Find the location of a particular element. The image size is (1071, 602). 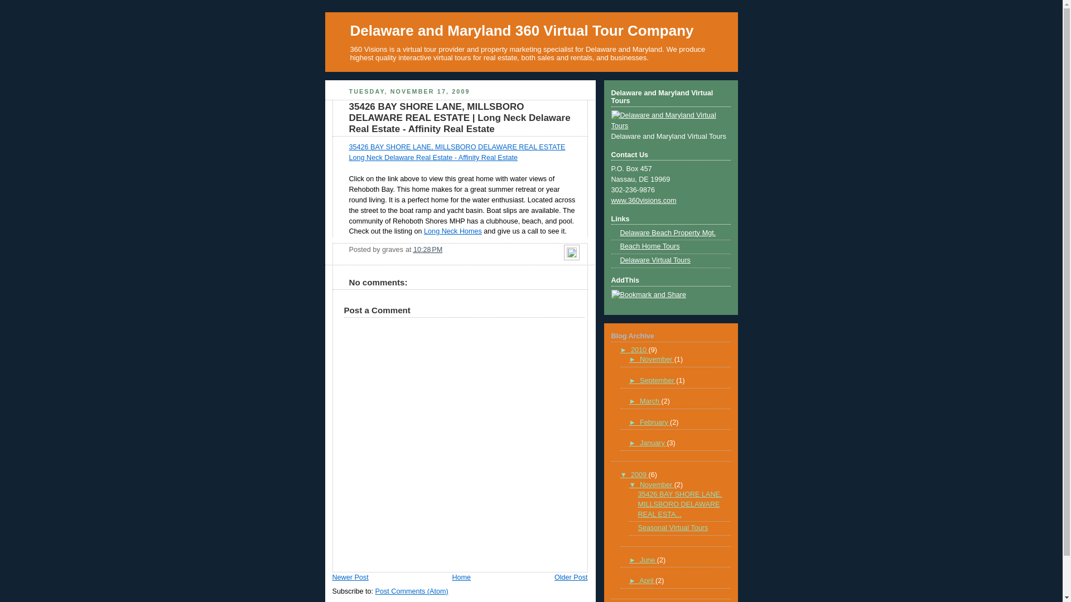

'Seasonal Virtual Tours' is located at coordinates (672, 527).